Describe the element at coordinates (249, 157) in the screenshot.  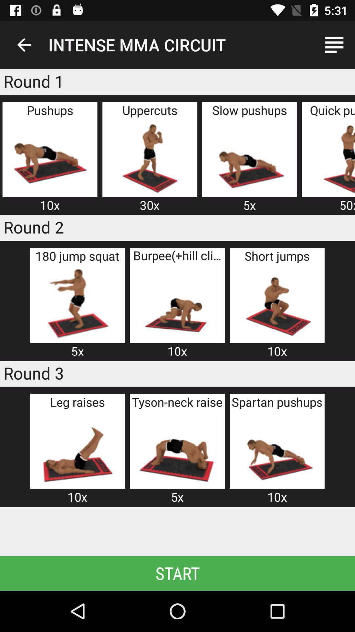
I see `the app to the right of uppercuts app` at that location.